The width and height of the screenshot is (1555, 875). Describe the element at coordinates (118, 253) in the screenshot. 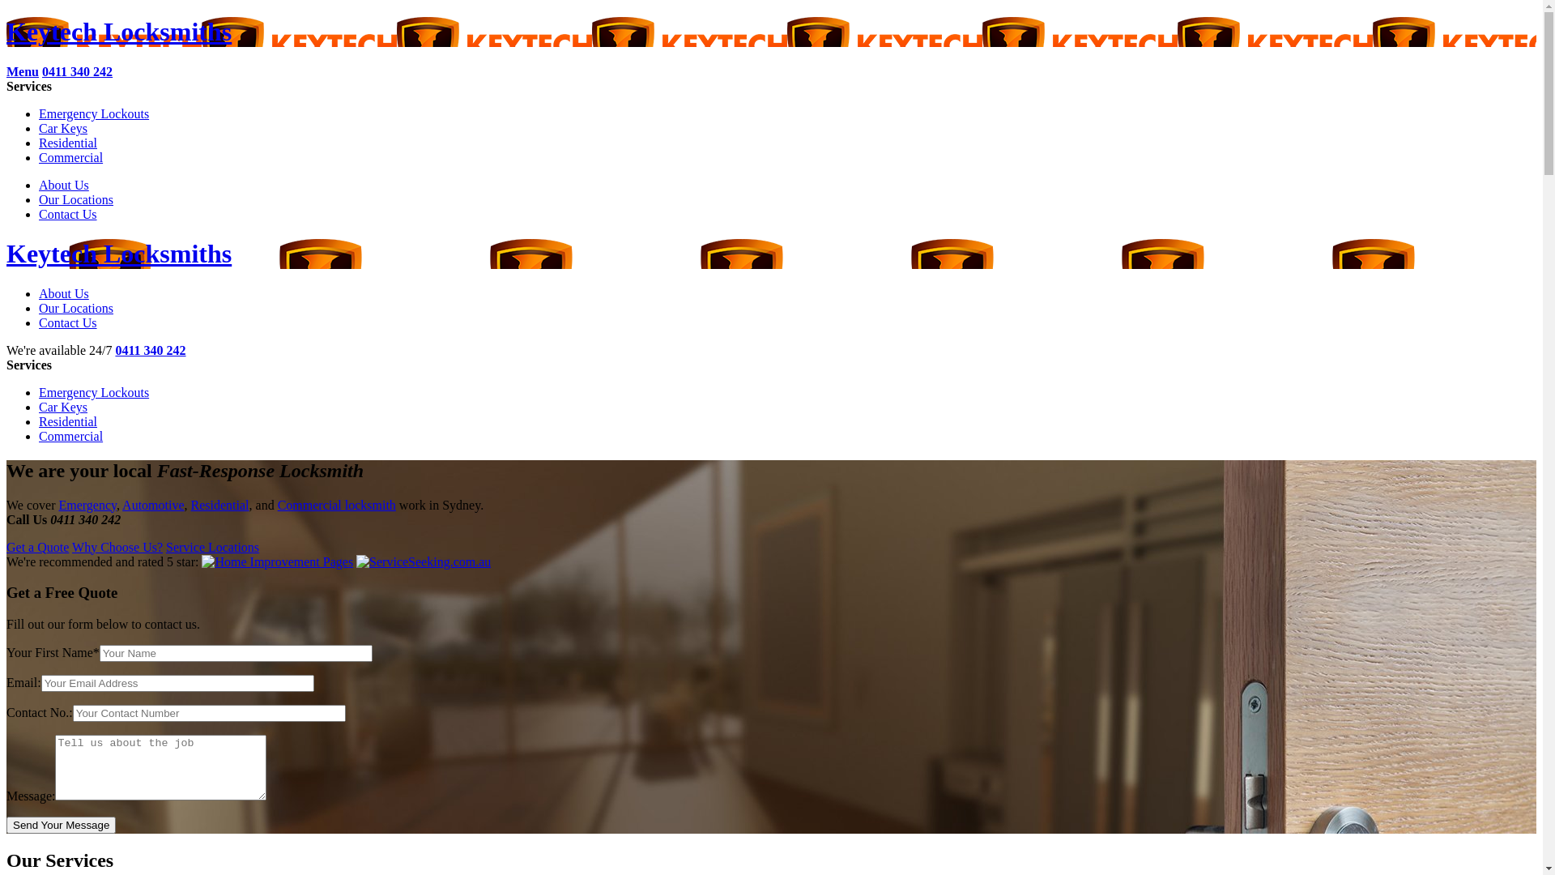

I see `'Keytech Locksmiths'` at that location.